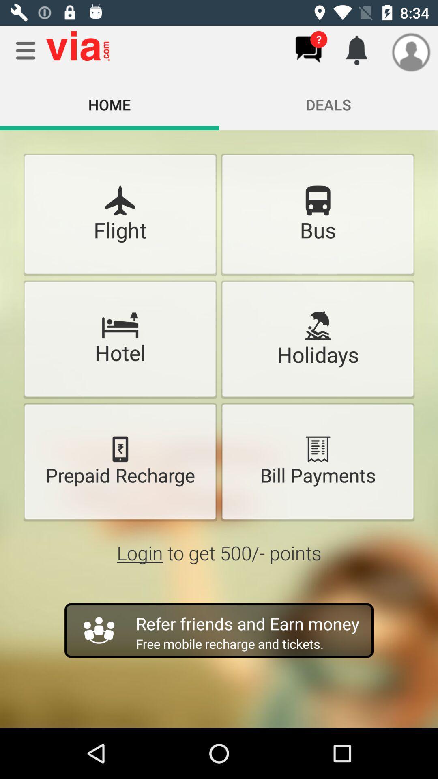 This screenshot has height=779, width=438. I want to click on messages, so click(308, 49).